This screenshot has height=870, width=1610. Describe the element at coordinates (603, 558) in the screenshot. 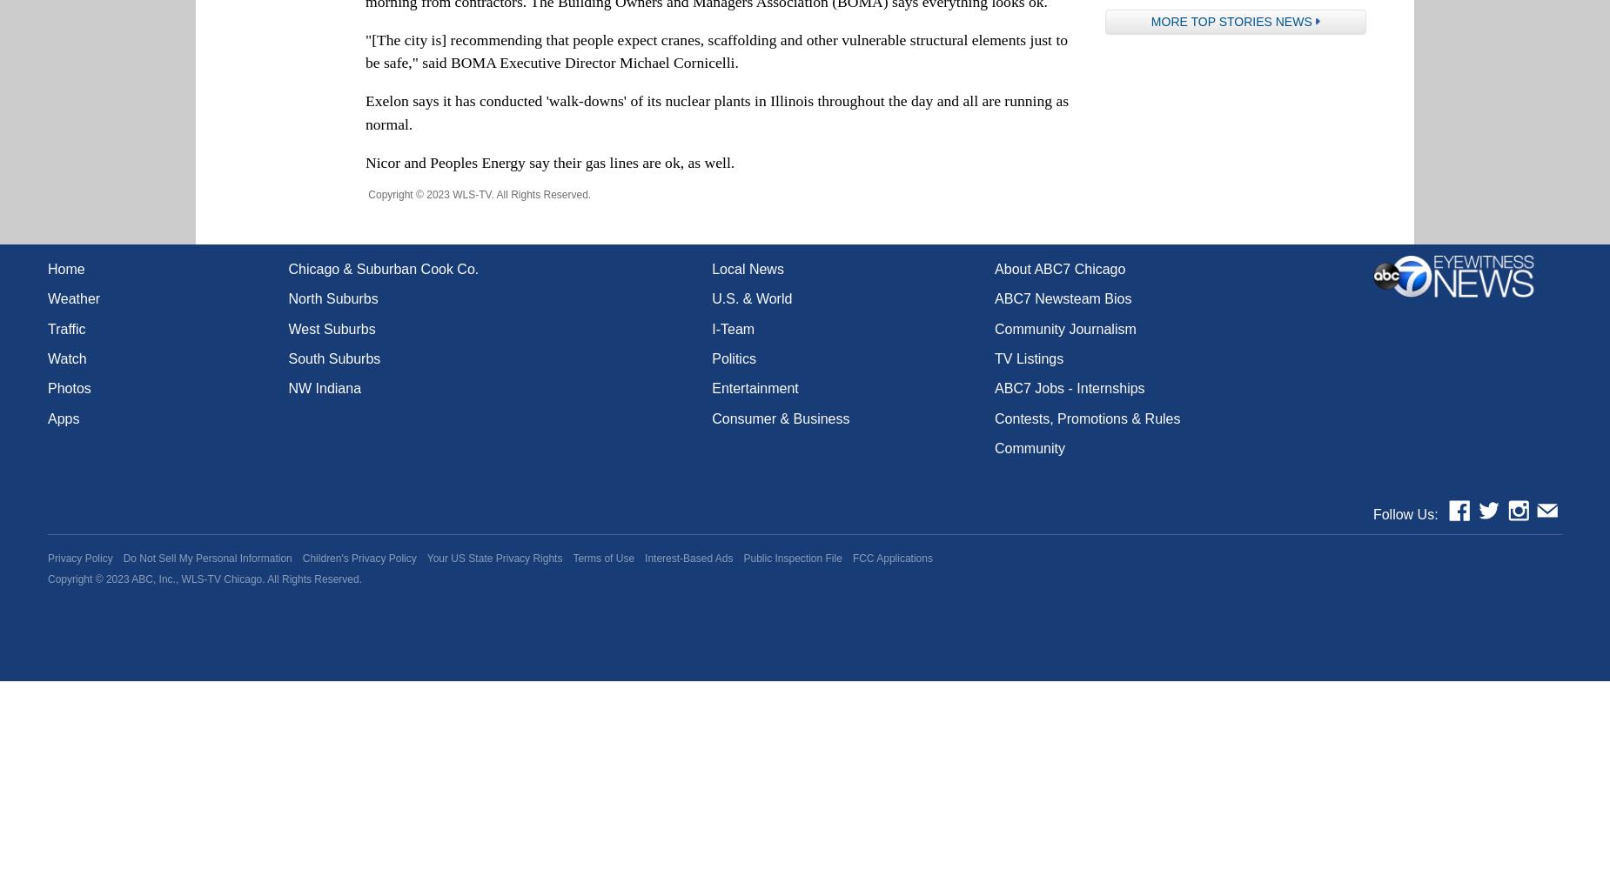

I see `'Terms of Use'` at that location.